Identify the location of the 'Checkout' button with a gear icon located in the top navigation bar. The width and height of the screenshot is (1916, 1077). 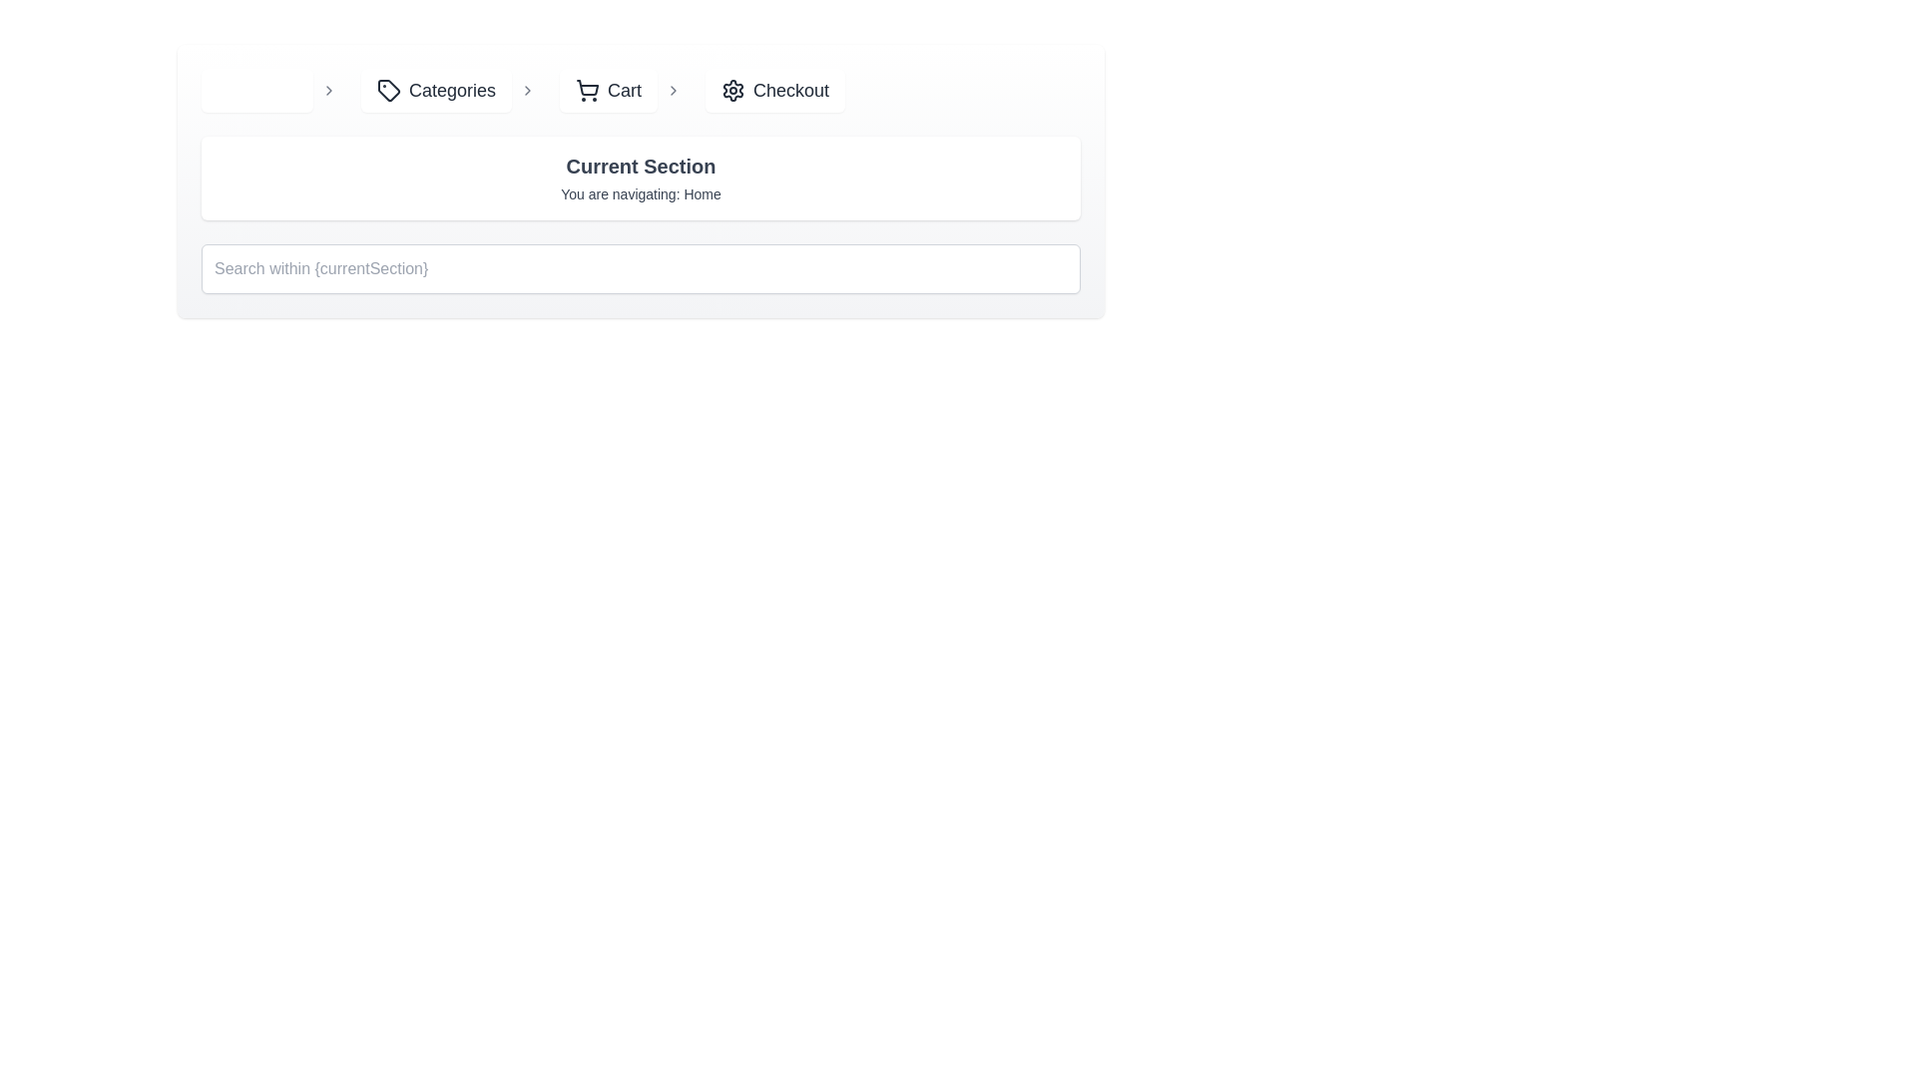
(774, 91).